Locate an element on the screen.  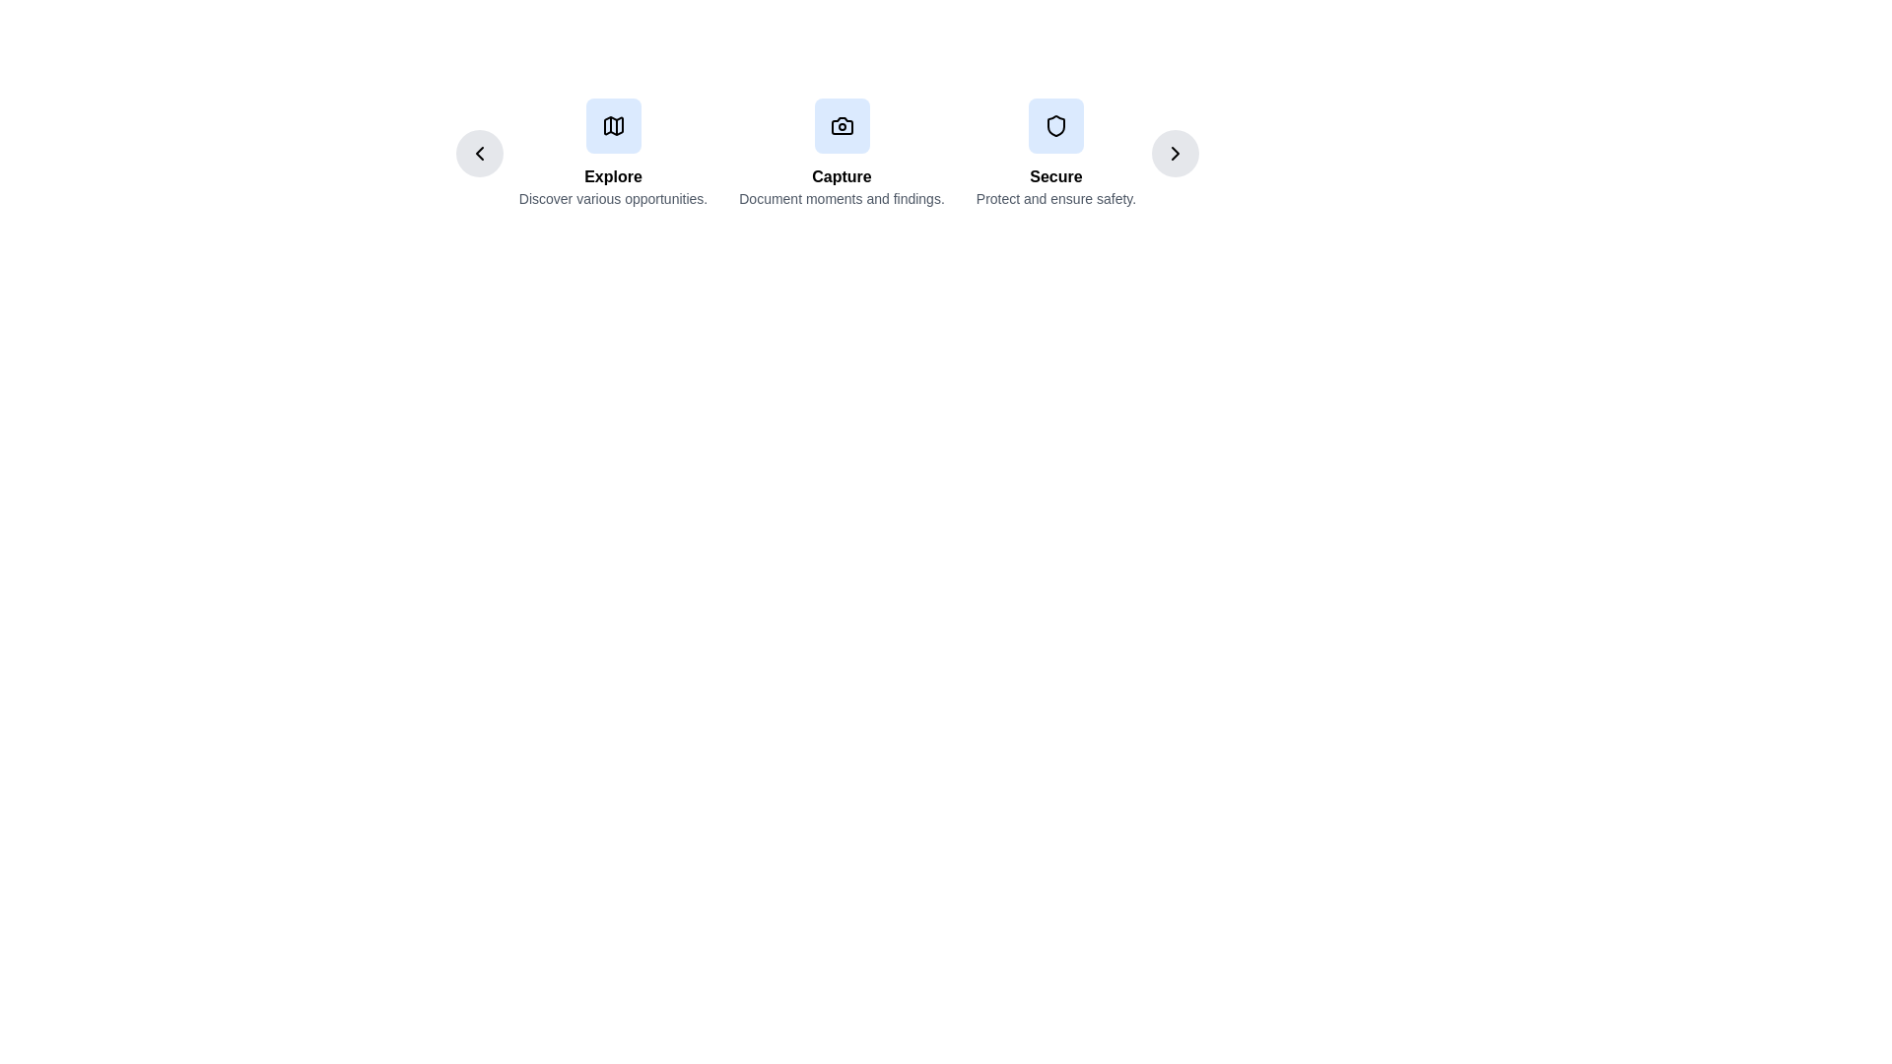
descriptive text labeled 'Document moments and findings.' which is positioned directly below the title 'Capture' in the central column of the interface is located at coordinates (842, 198).